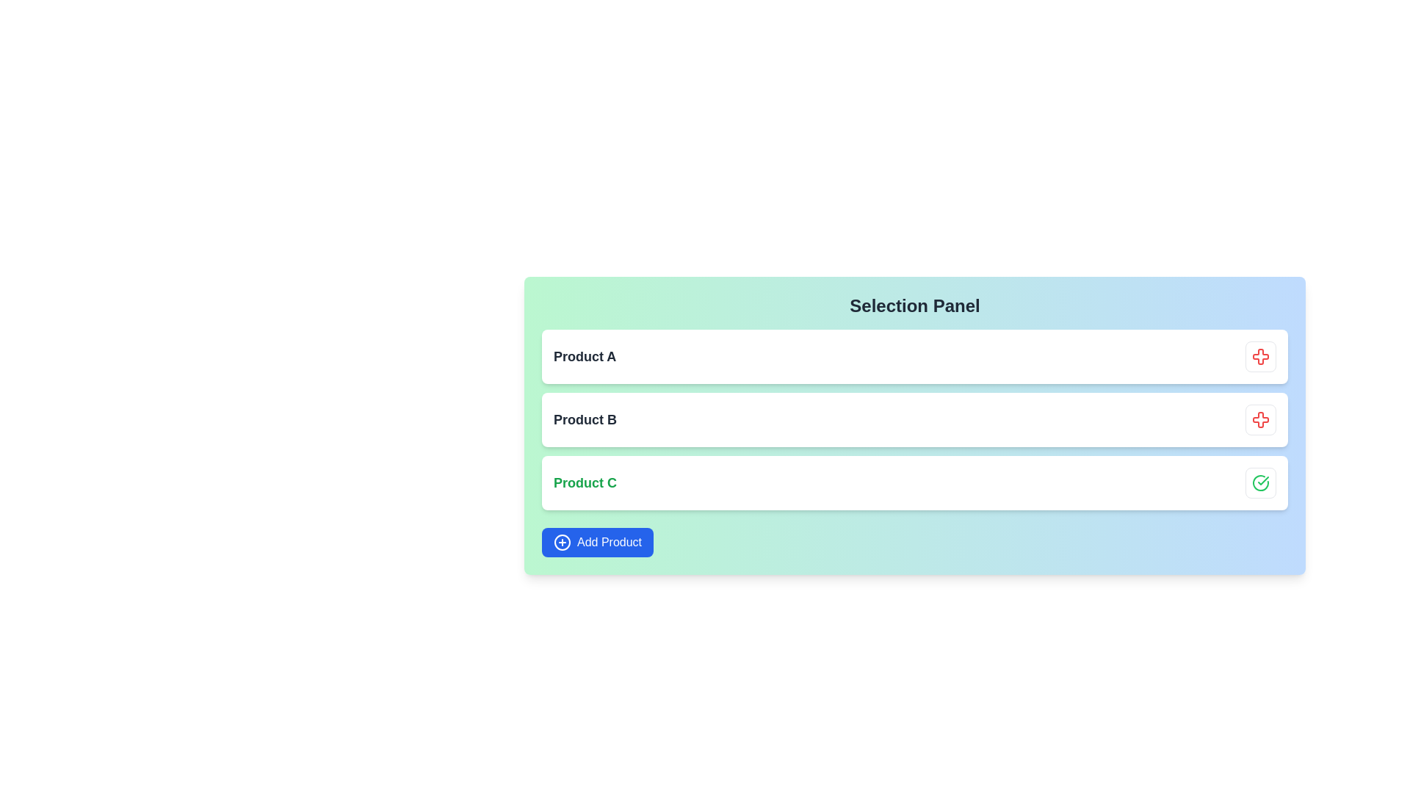 The image size is (1410, 793). Describe the element at coordinates (584, 419) in the screenshot. I see `the textual label displaying 'Product B', styled with a bold font and dark gray coloring, located within a white background box with rounded corners` at that location.